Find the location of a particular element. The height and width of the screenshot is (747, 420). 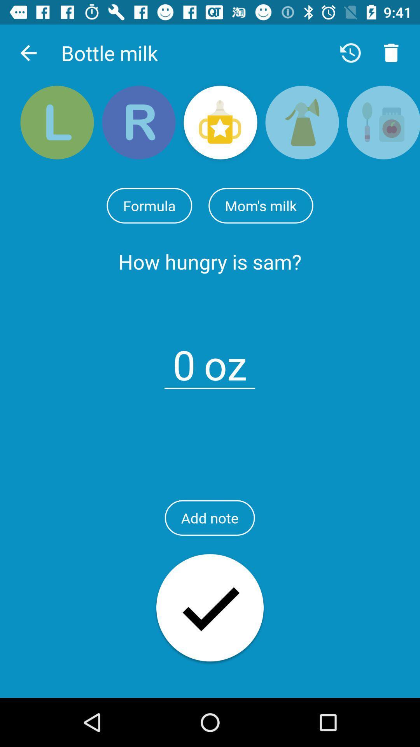

formula icon is located at coordinates (149, 205).